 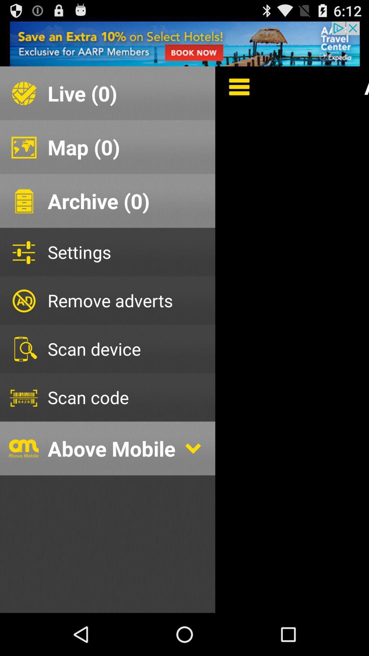 What do you see at coordinates (234, 92) in the screenshot?
I see `the menu icon` at bounding box center [234, 92].